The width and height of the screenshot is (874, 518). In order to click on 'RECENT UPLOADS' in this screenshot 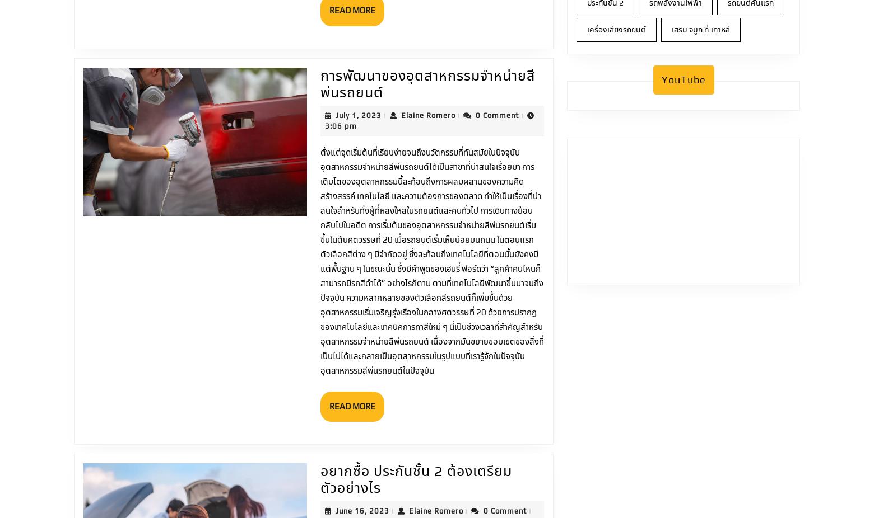, I will do `click(323, 421)`.